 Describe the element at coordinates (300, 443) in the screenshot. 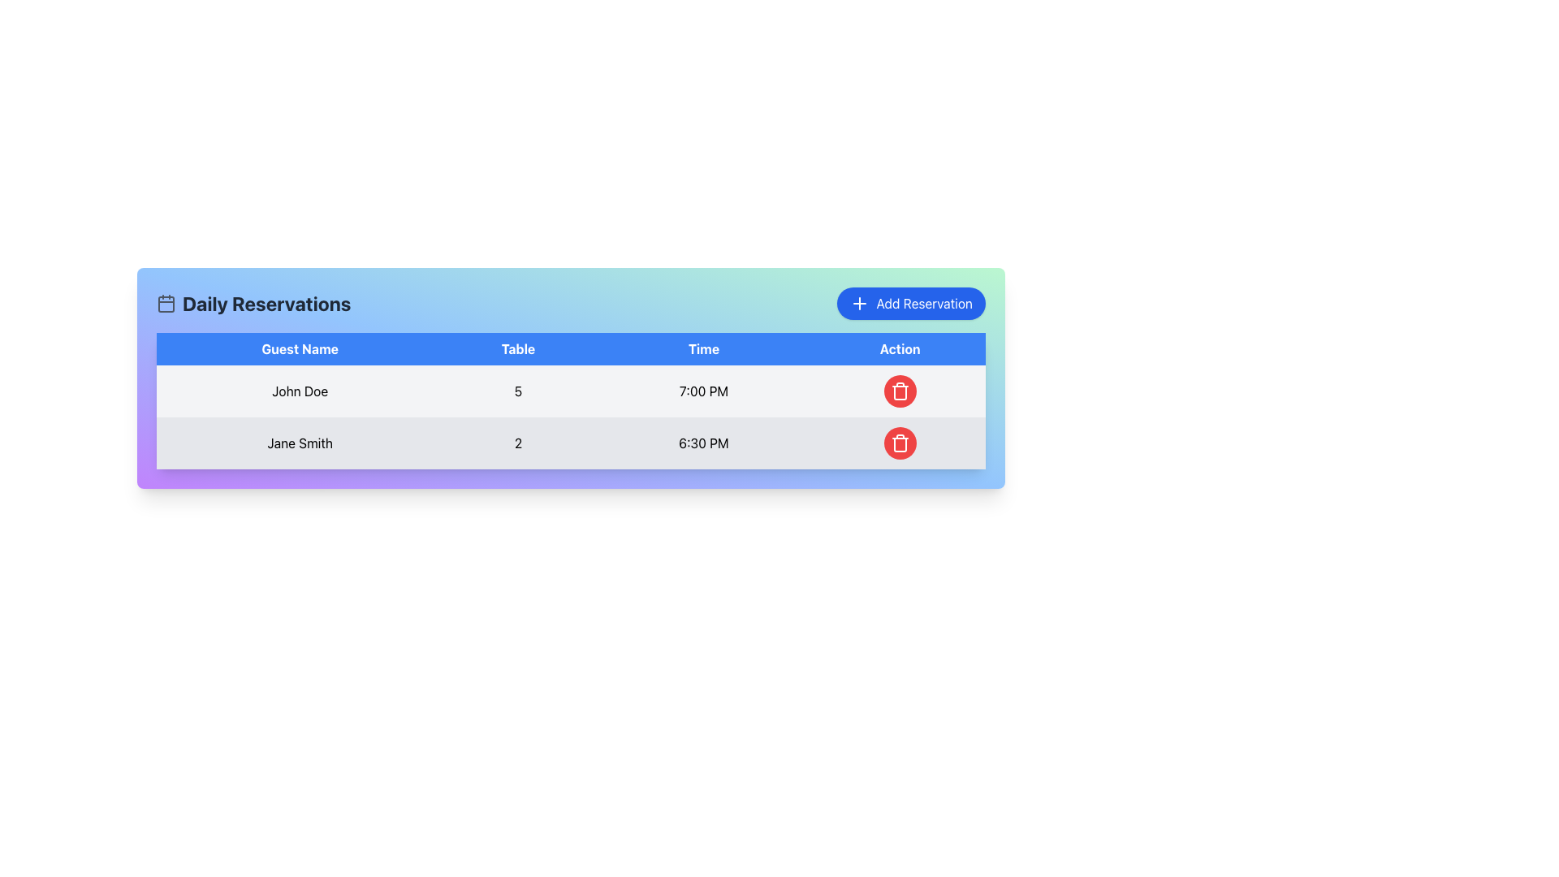

I see `the text label displaying 'Jane Smith' which is located in the 'Guest Name' column of the second row under the header row in a structured table layout` at that location.